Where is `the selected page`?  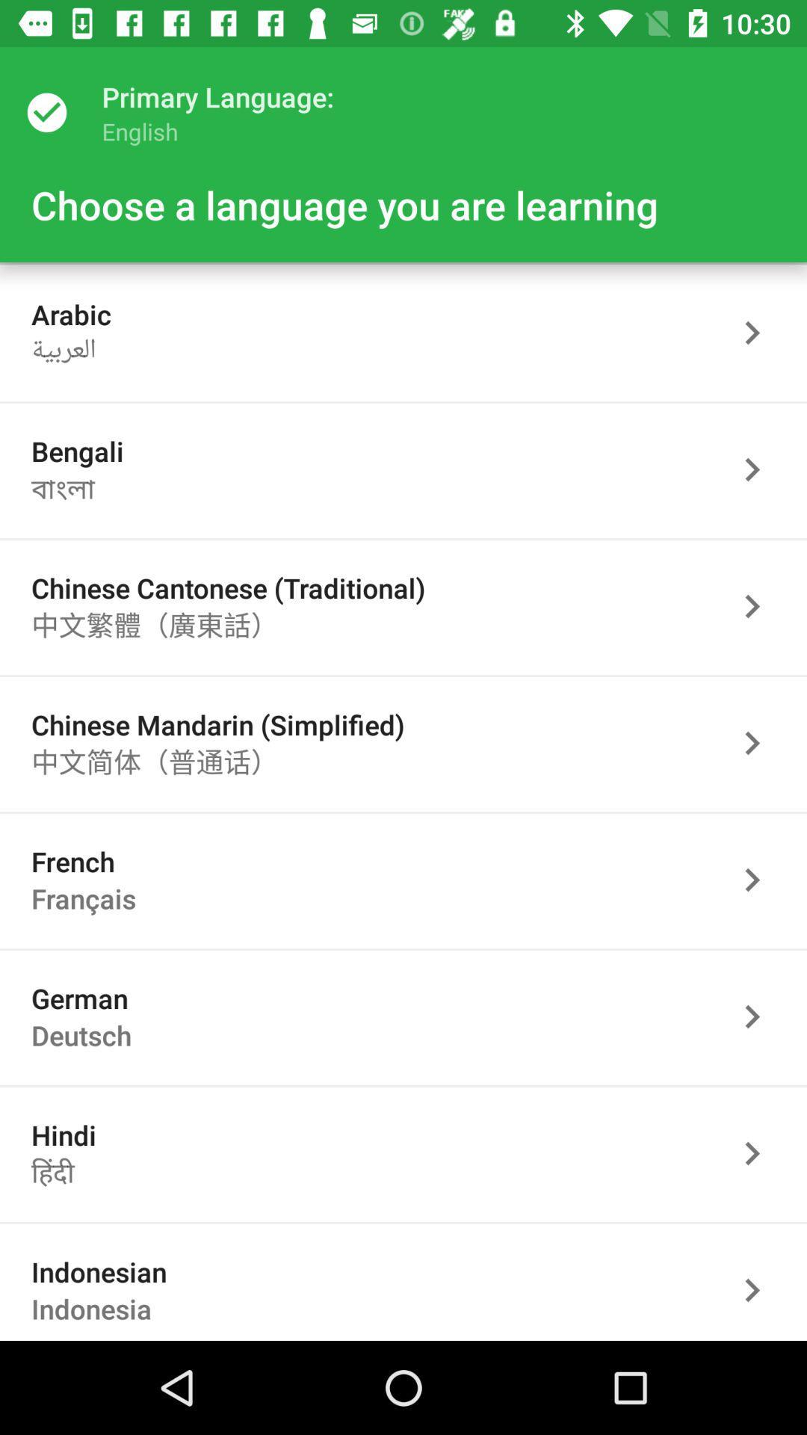
the selected page is located at coordinates (760, 1152).